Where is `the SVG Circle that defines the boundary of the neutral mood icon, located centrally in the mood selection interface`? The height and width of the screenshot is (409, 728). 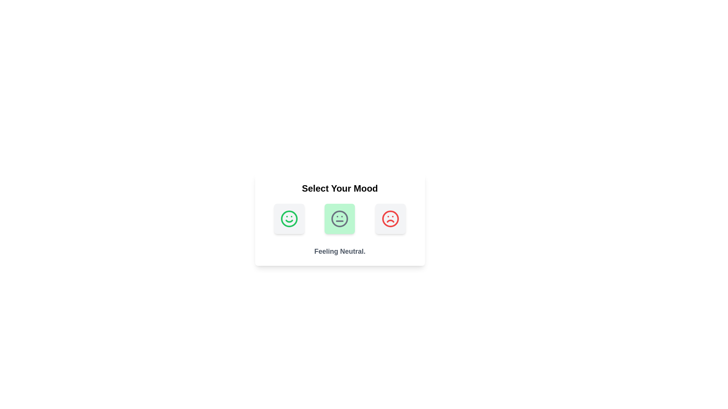 the SVG Circle that defines the boundary of the neutral mood icon, located centrally in the mood selection interface is located at coordinates (339, 219).